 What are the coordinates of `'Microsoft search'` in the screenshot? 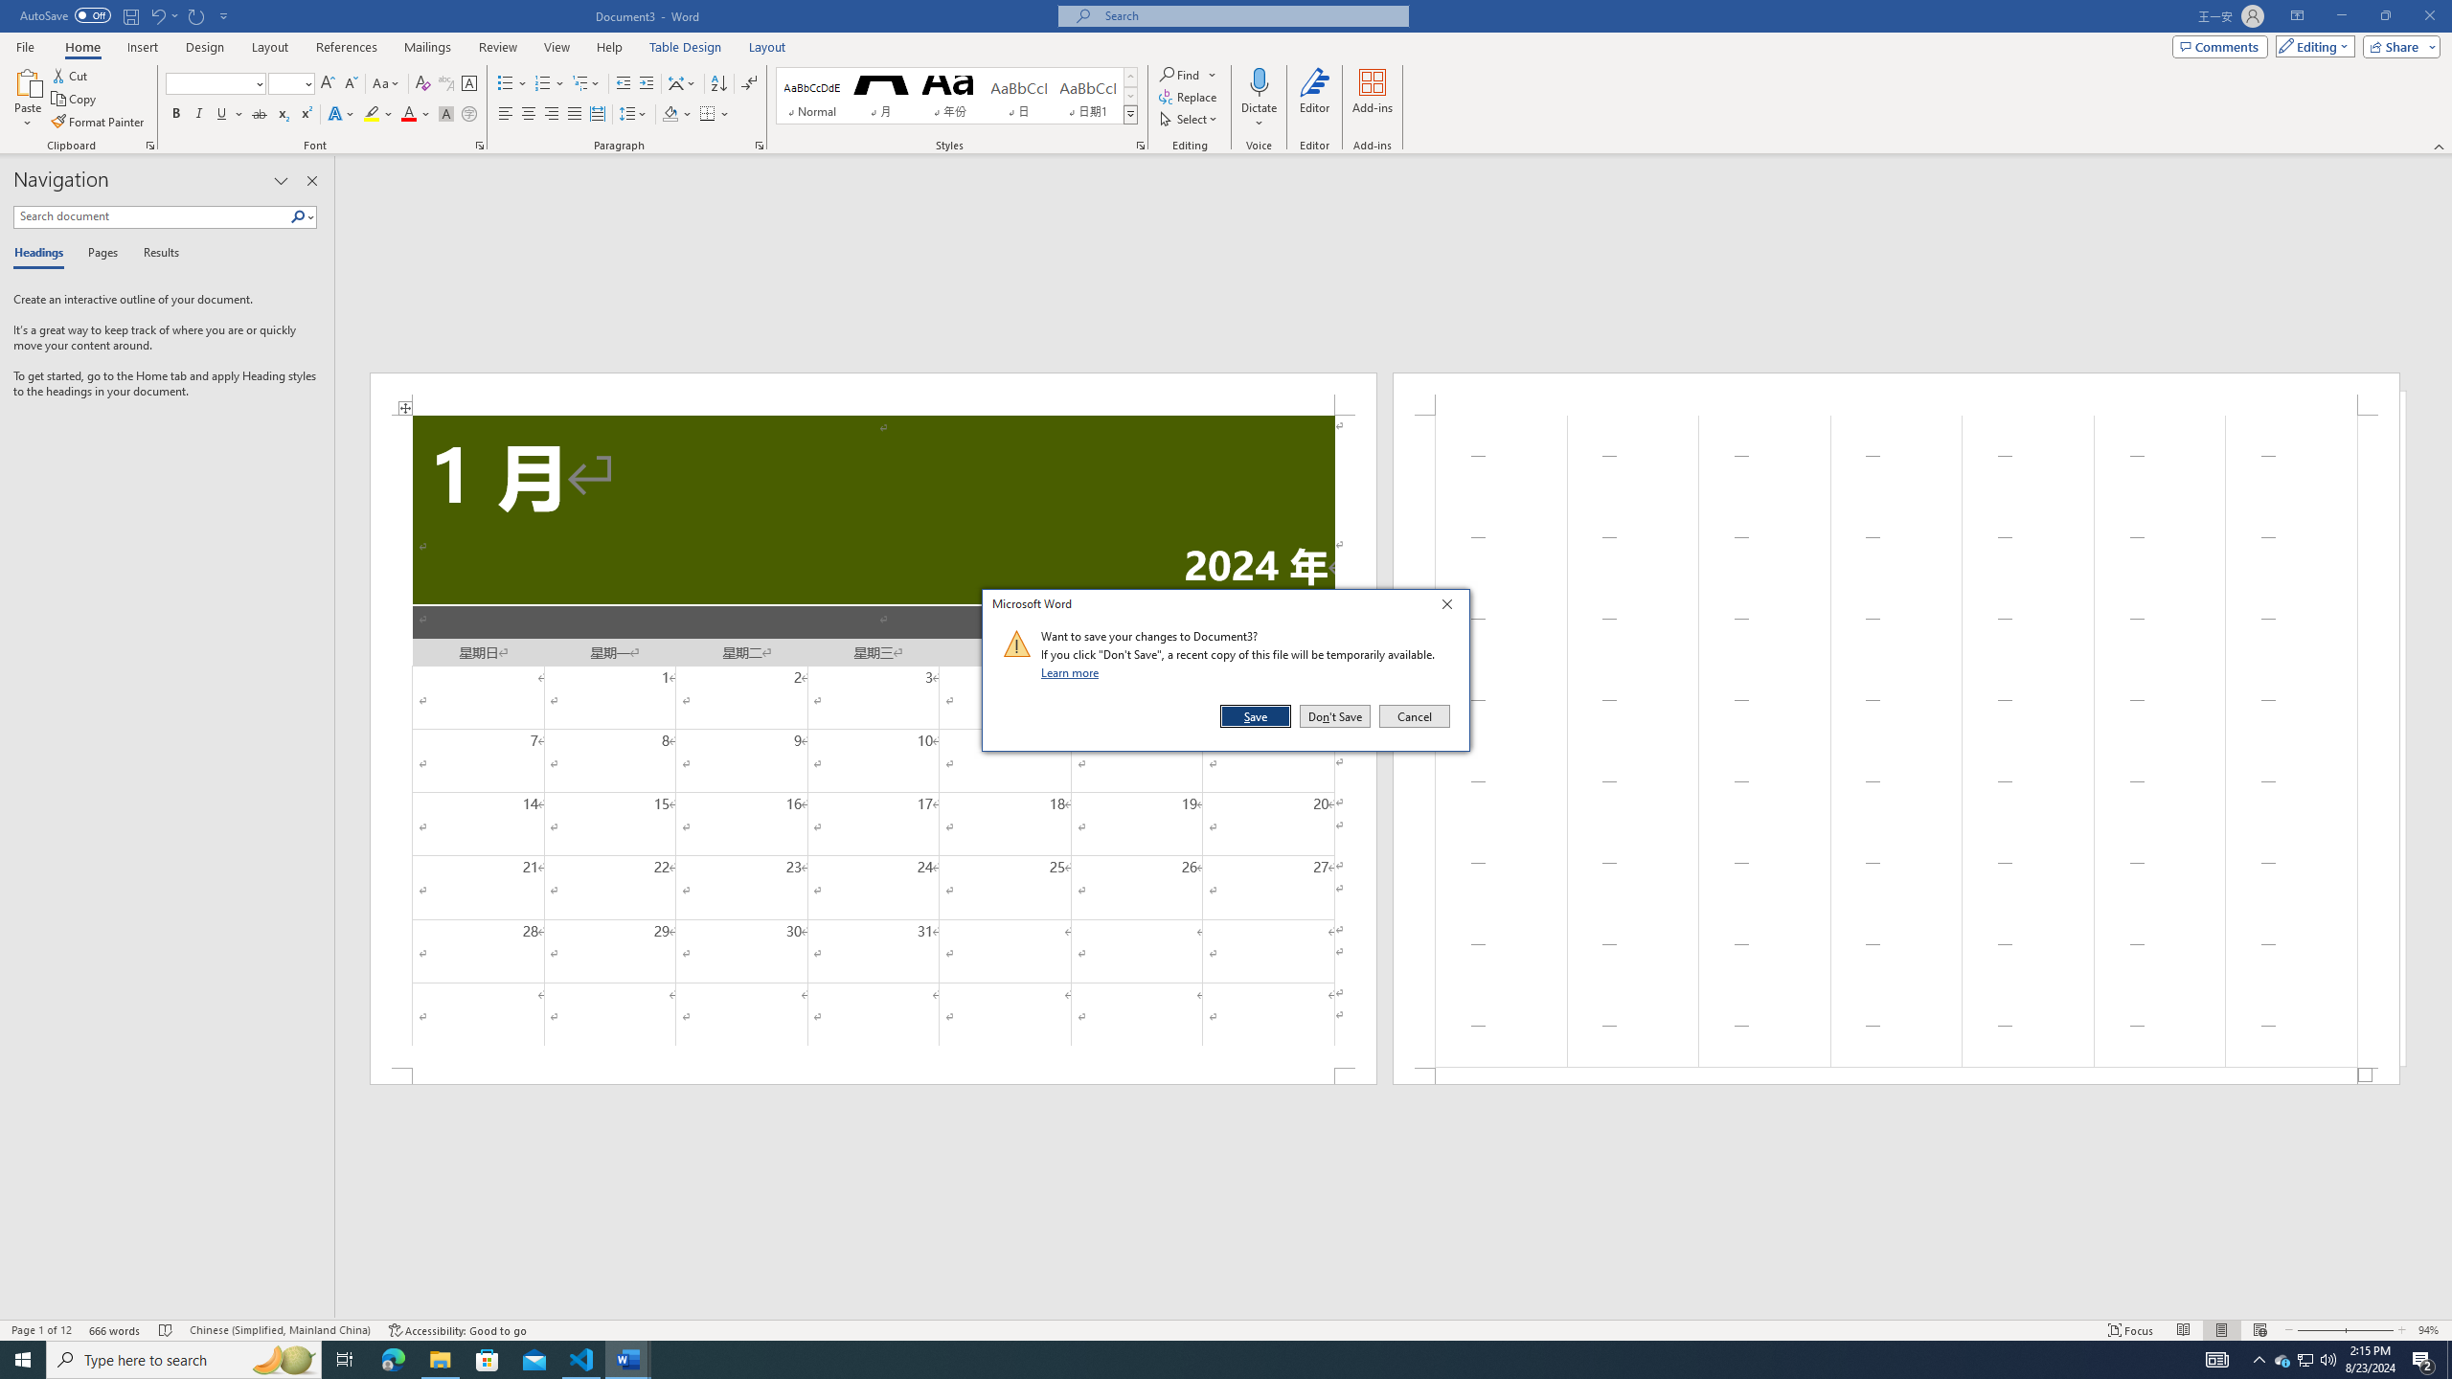 It's located at (1249, 15).